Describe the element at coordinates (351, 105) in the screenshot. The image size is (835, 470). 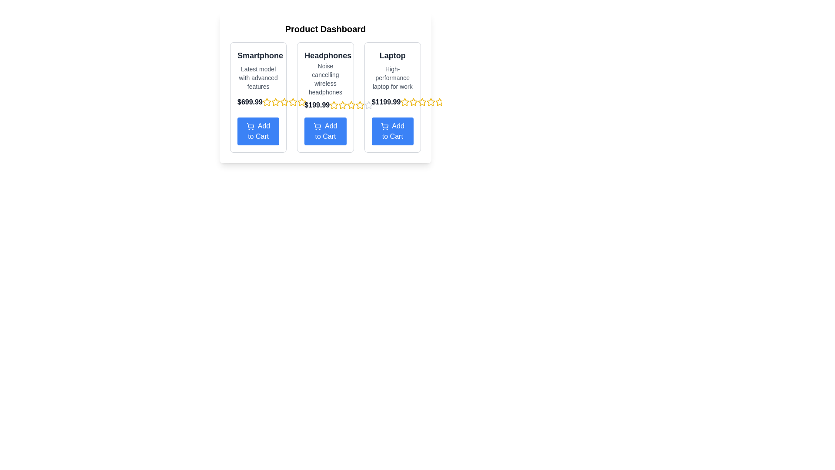
I see `the fourth golden star icon for rating located below the price and above the 'Add to Cart' button in the 'Headphones' product card` at that location.